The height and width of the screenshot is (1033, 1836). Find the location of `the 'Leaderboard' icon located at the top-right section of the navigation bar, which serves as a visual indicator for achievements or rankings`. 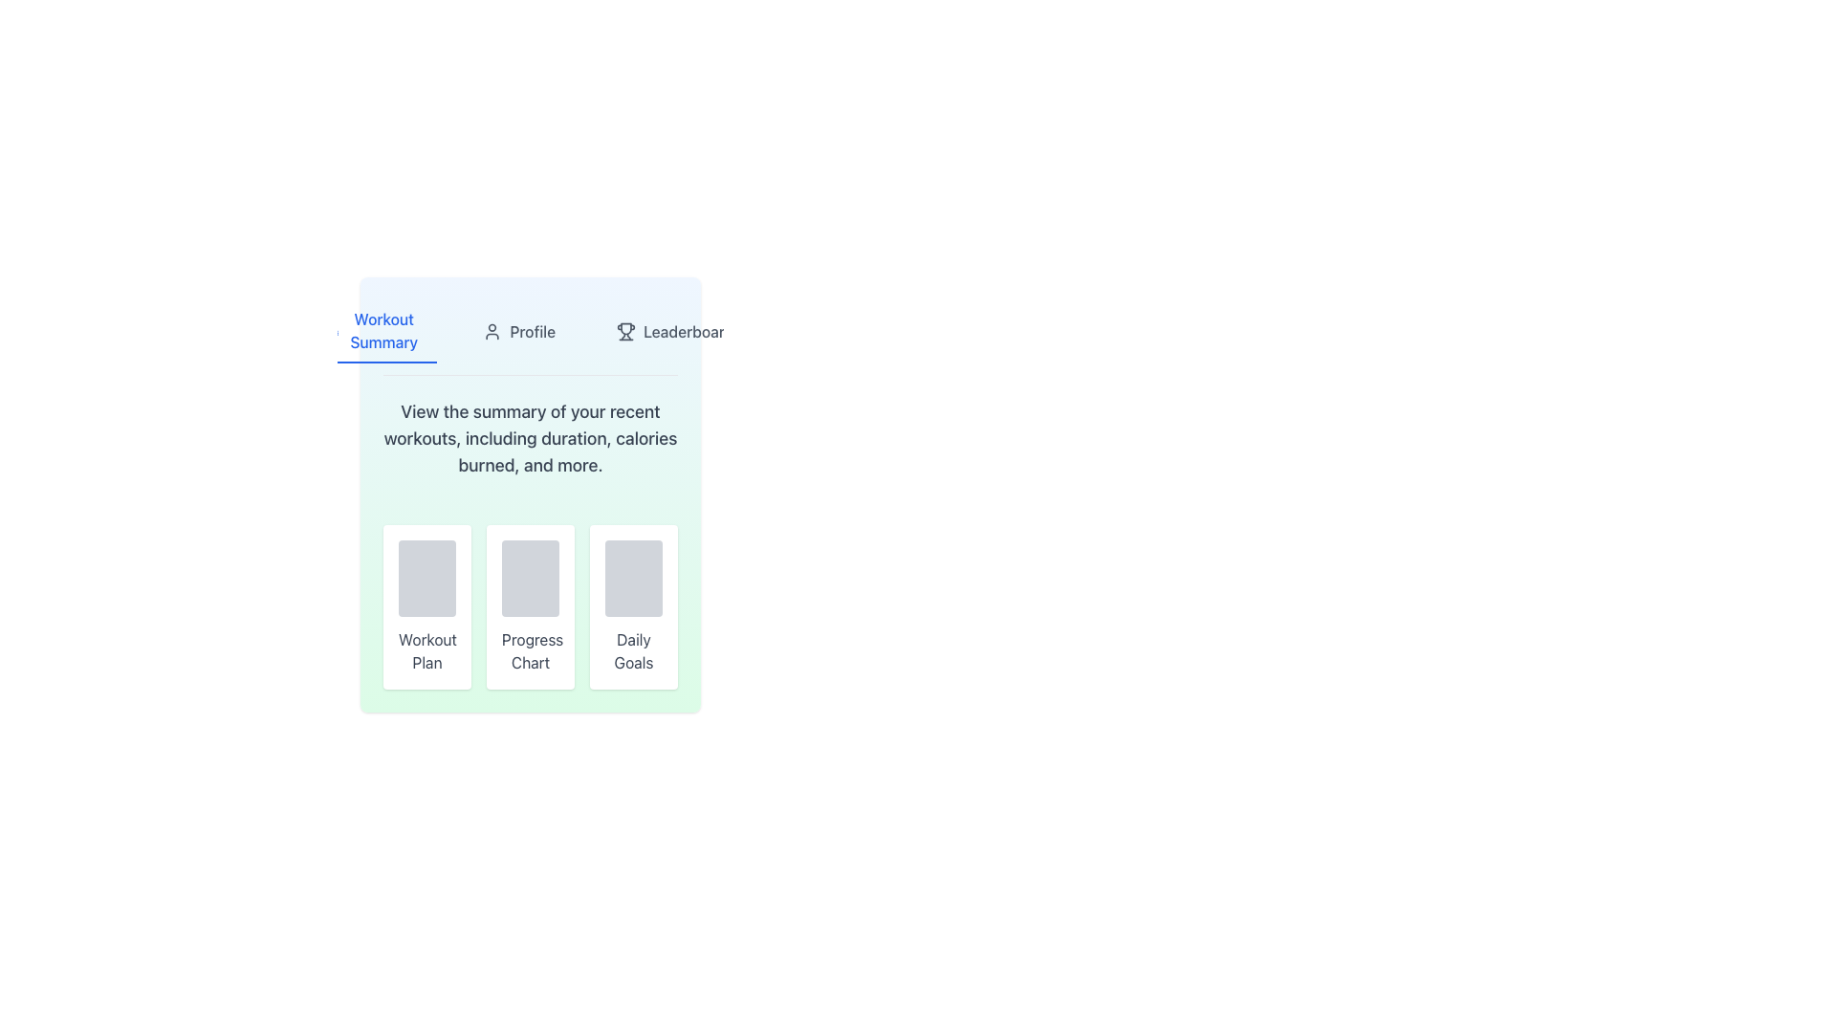

the 'Leaderboard' icon located at the top-right section of the navigation bar, which serves as a visual indicator for achievements or rankings is located at coordinates (626, 331).